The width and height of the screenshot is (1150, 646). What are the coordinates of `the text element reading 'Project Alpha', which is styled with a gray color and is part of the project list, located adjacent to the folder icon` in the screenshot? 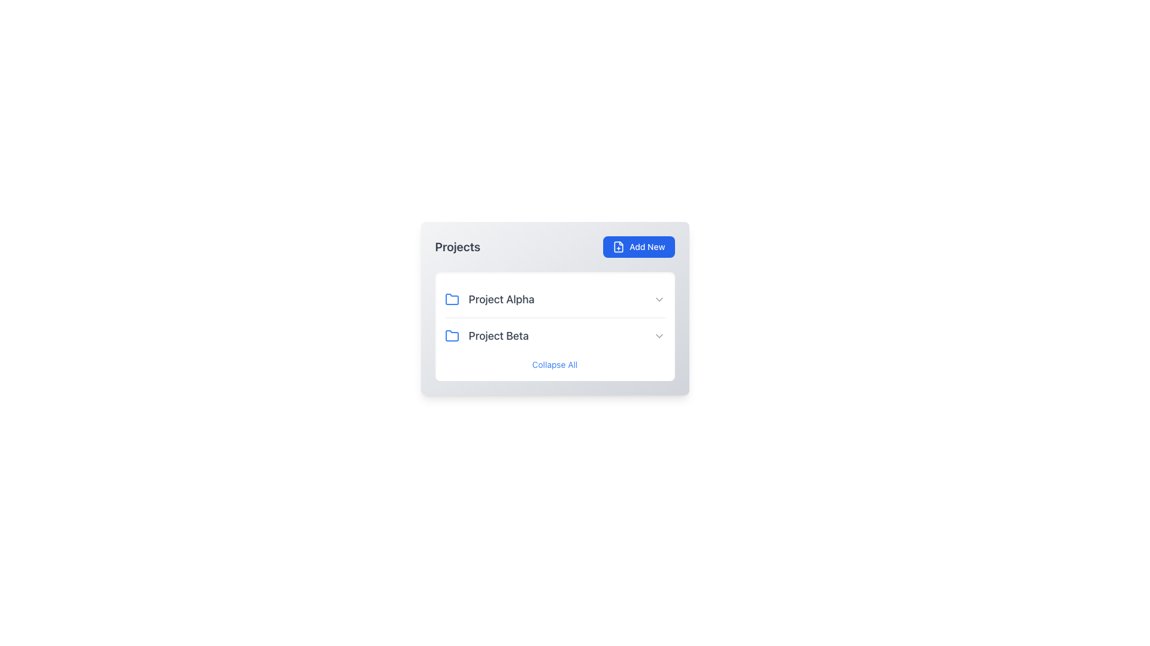 It's located at (501, 299).